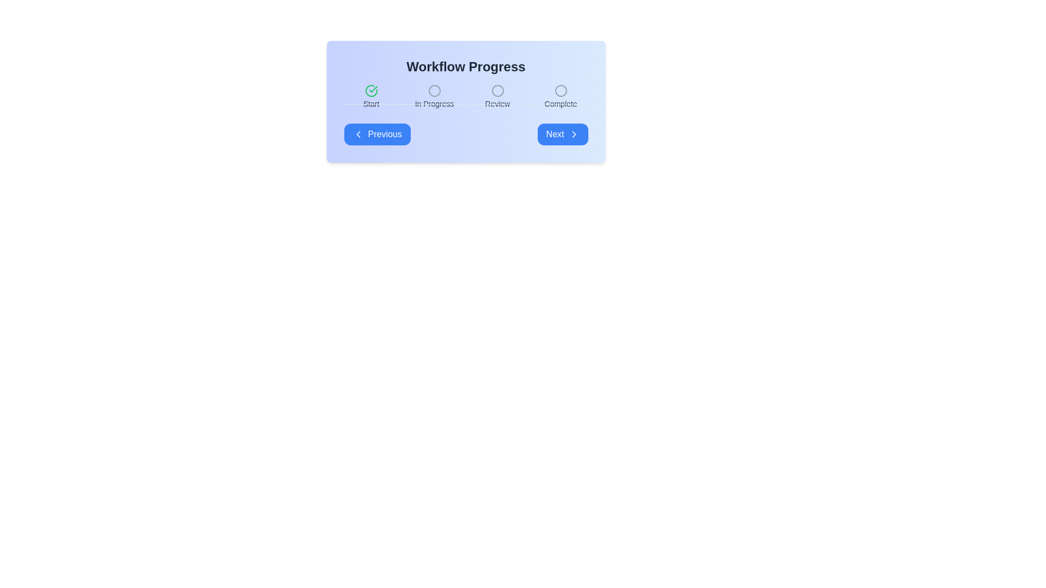 This screenshot has height=588, width=1046. I want to click on the Circle Indicator Icon which has a gray border and empty fill, located in the 'In Progress' step of the workflow progress tracker, so click(434, 90).